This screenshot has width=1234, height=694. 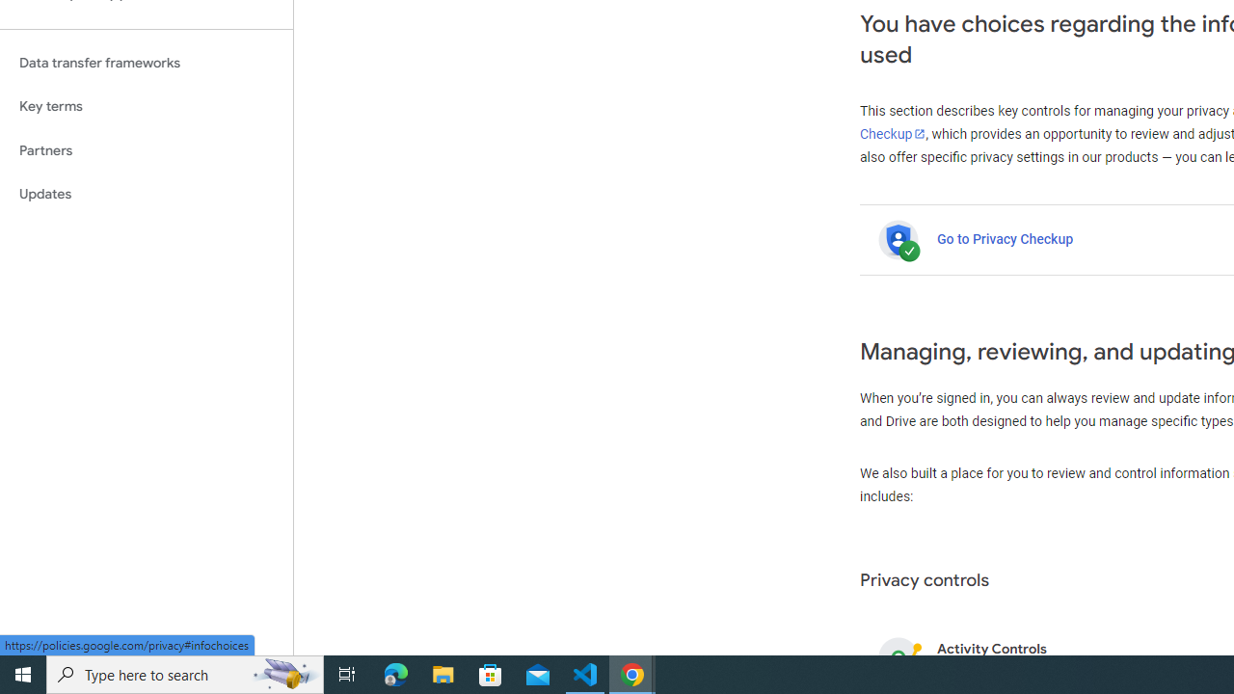 I want to click on 'Data transfer frameworks', so click(x=146, y=62).